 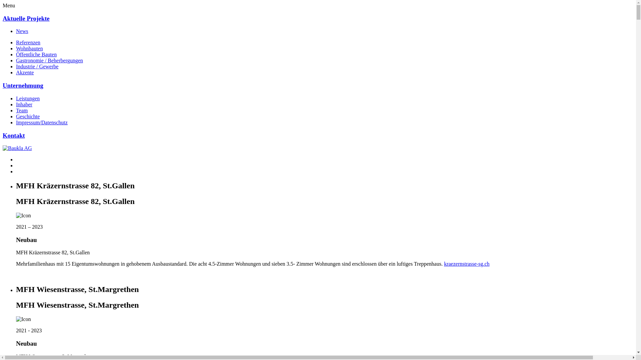 What do you see at coordinates (14, 135) in the screenshot?
I see `'Kontakt'` at bounding box center [14, 135].